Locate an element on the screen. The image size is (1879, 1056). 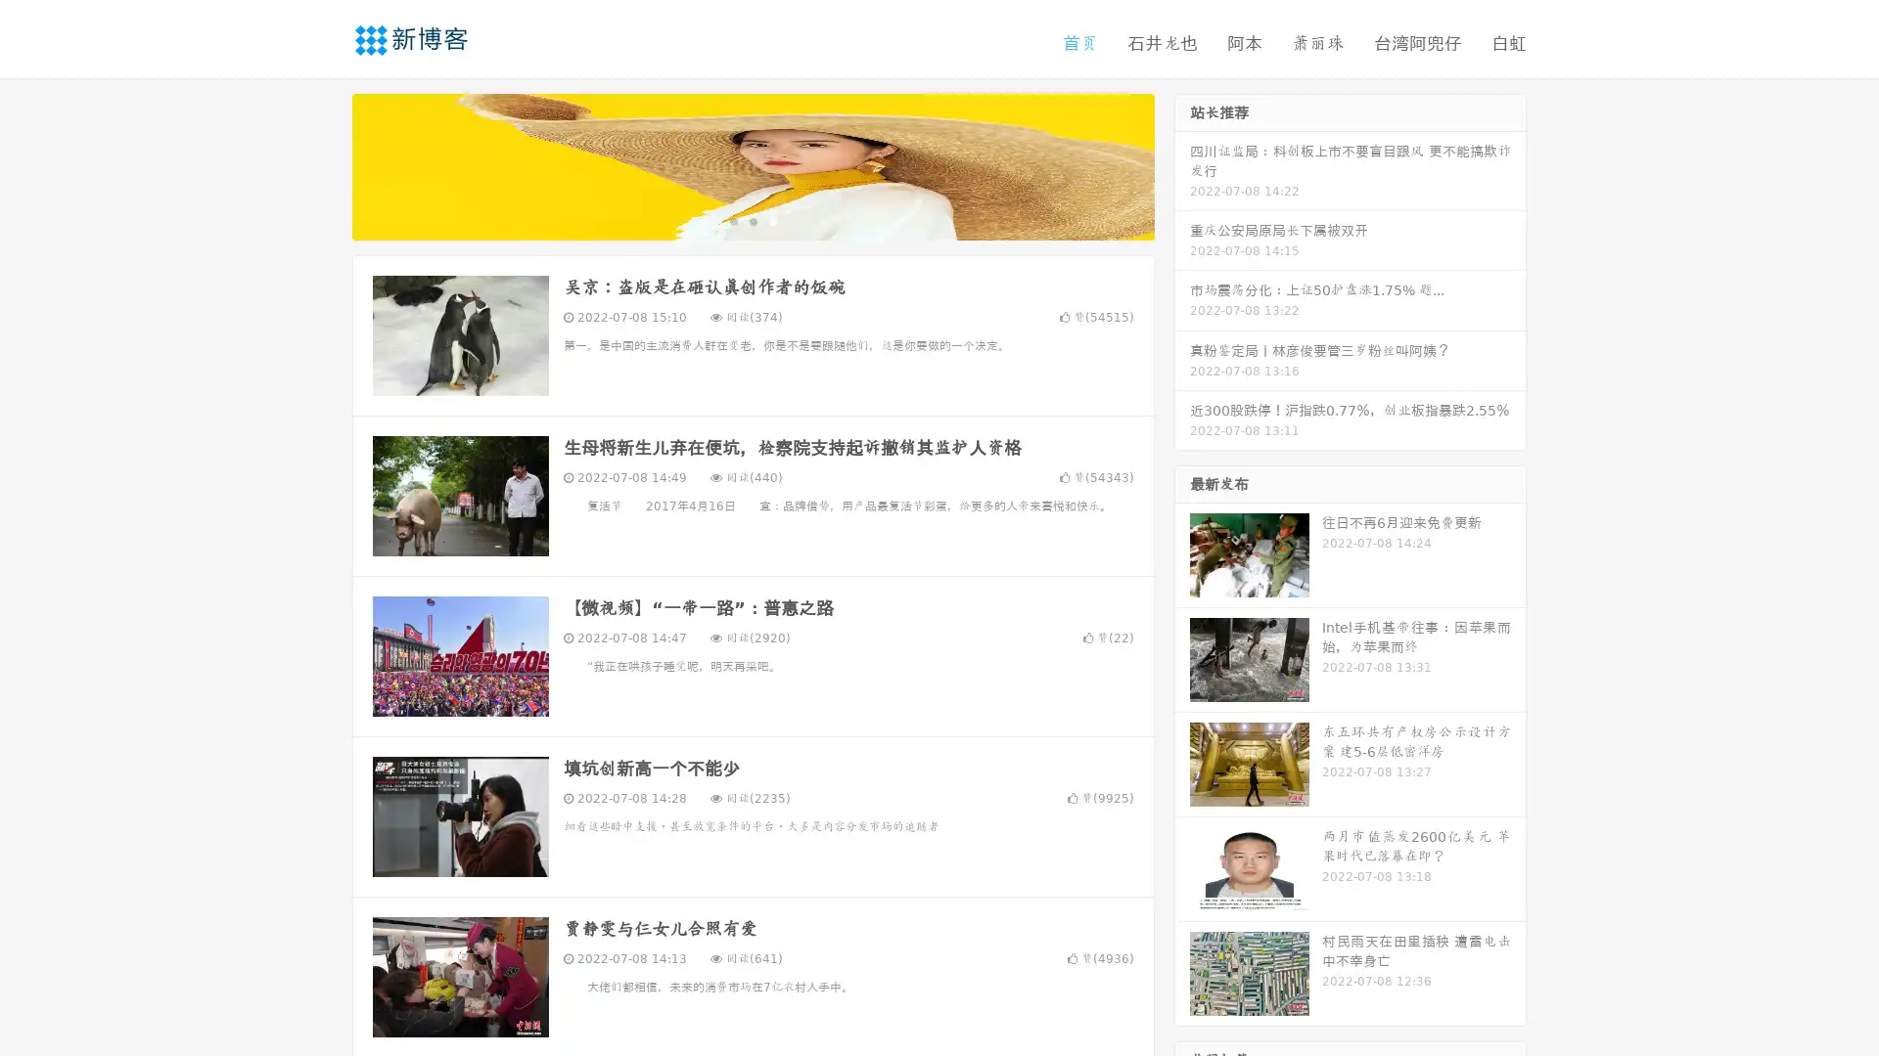
Go to slide 1 is located at coordinates (732, 220).